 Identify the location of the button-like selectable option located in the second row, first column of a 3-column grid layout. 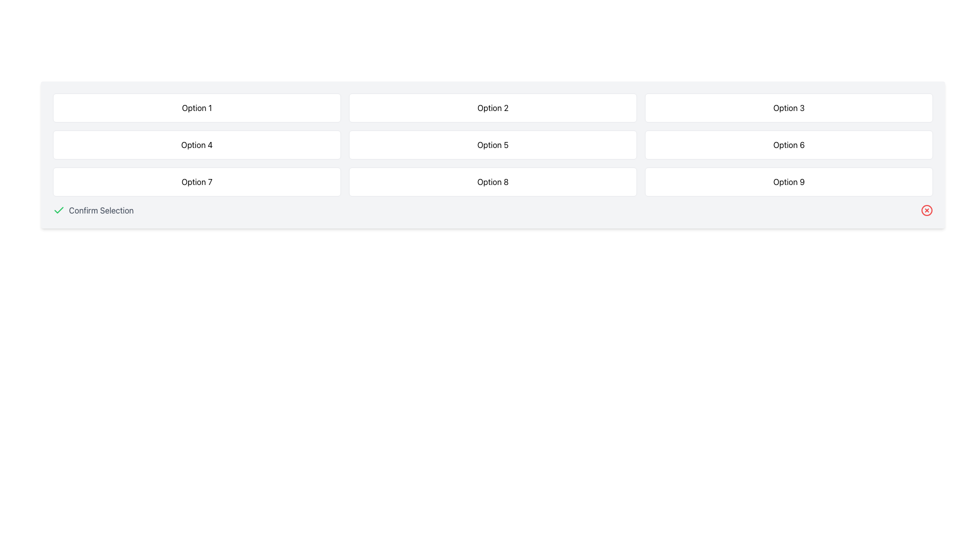
(196, 144).